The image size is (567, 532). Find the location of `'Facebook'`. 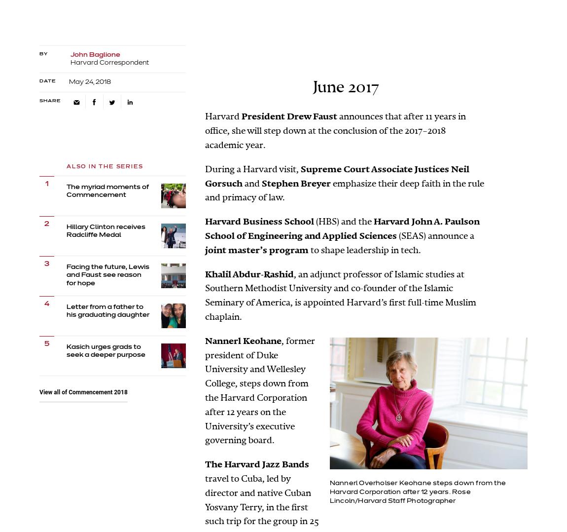

'Facebook' is located at coordinates (105, 114).